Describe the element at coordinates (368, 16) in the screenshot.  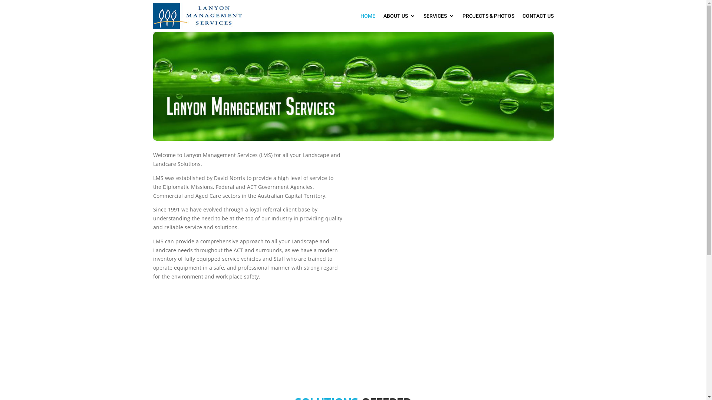
I see `'HOME'` at that location.